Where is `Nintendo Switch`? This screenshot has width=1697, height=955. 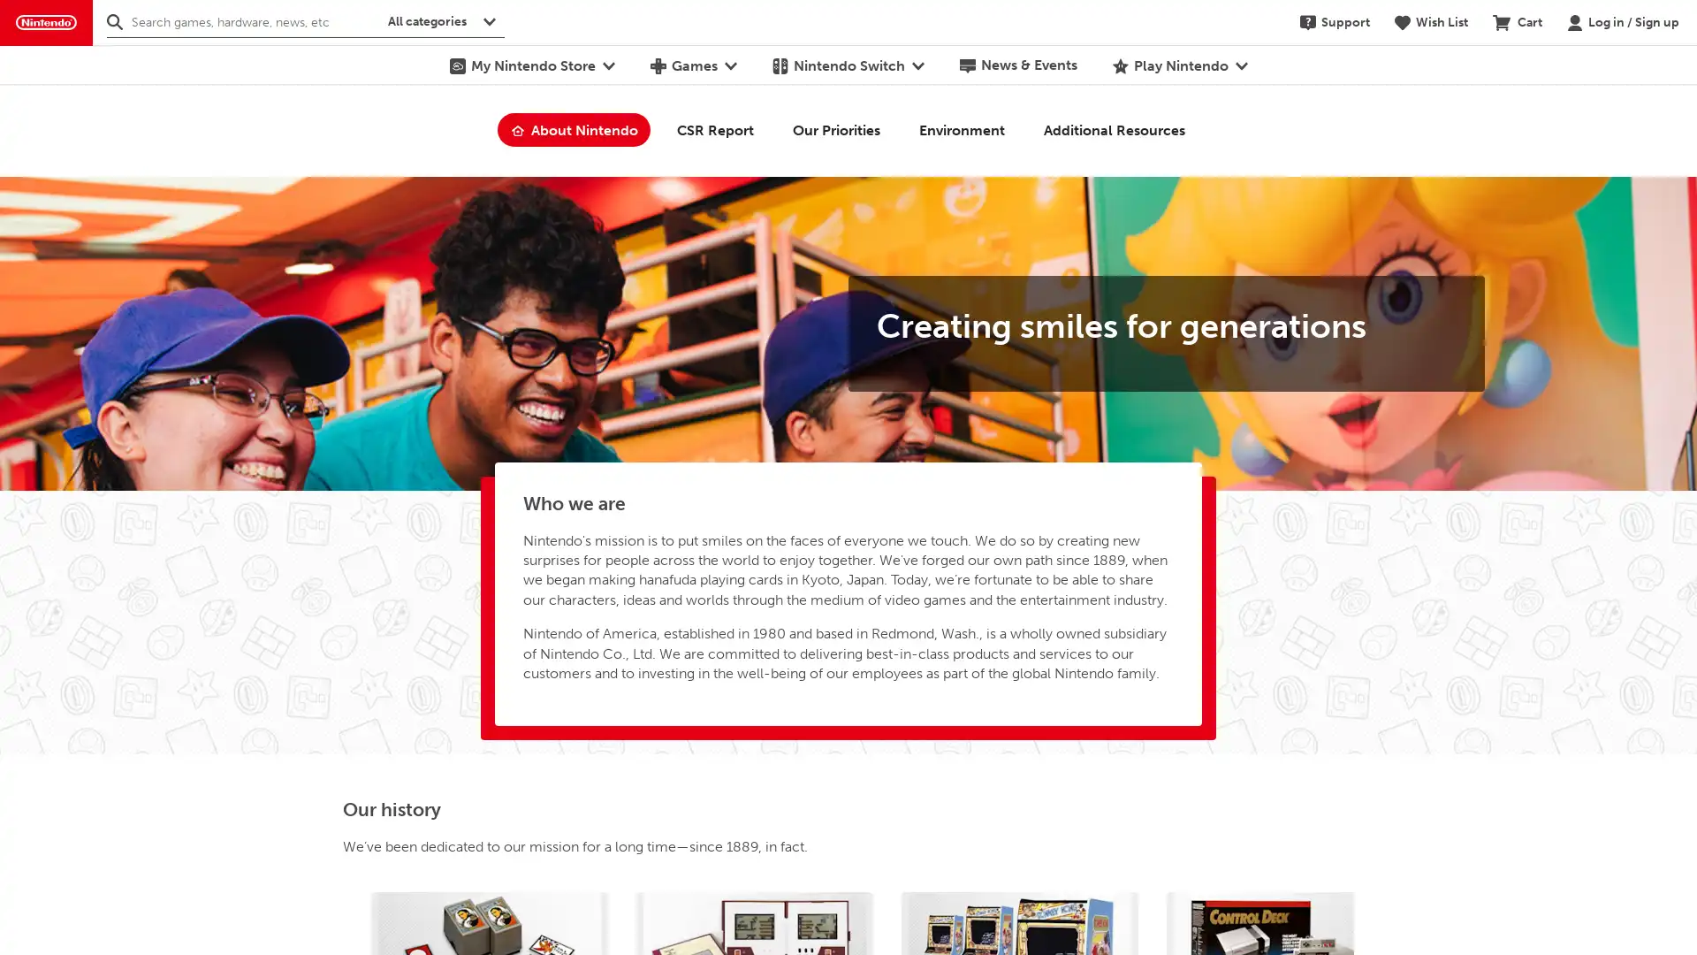
Nintendo Switch is located at coordinates (847, 64).